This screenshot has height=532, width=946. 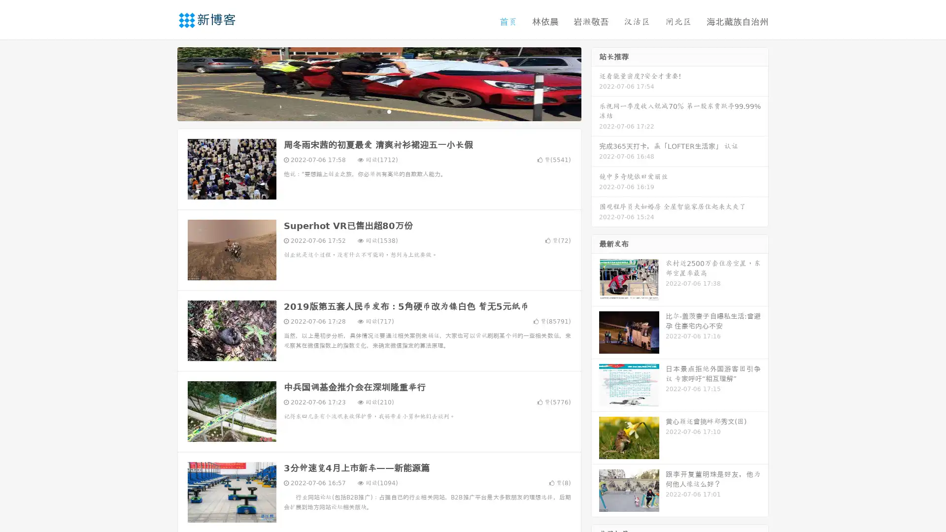 I want to click on Go to slide 2, so click(x=378, y=111).